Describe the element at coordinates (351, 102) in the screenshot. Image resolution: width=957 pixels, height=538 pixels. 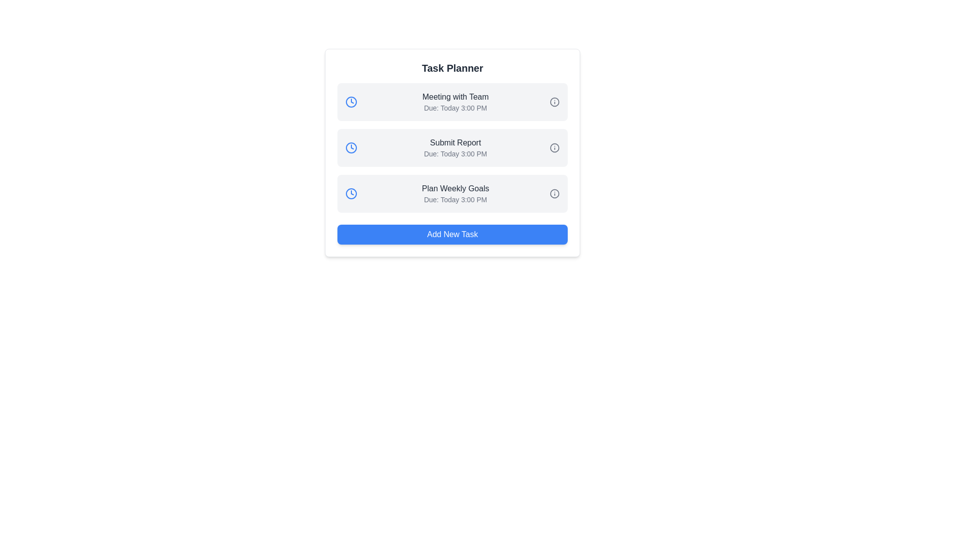
I see `the blue clock icon with a circular outline and clock hands, located in the first row of the task items within the 'Task Planner' component, preceding the text 'Meeting with Team'` at that location.